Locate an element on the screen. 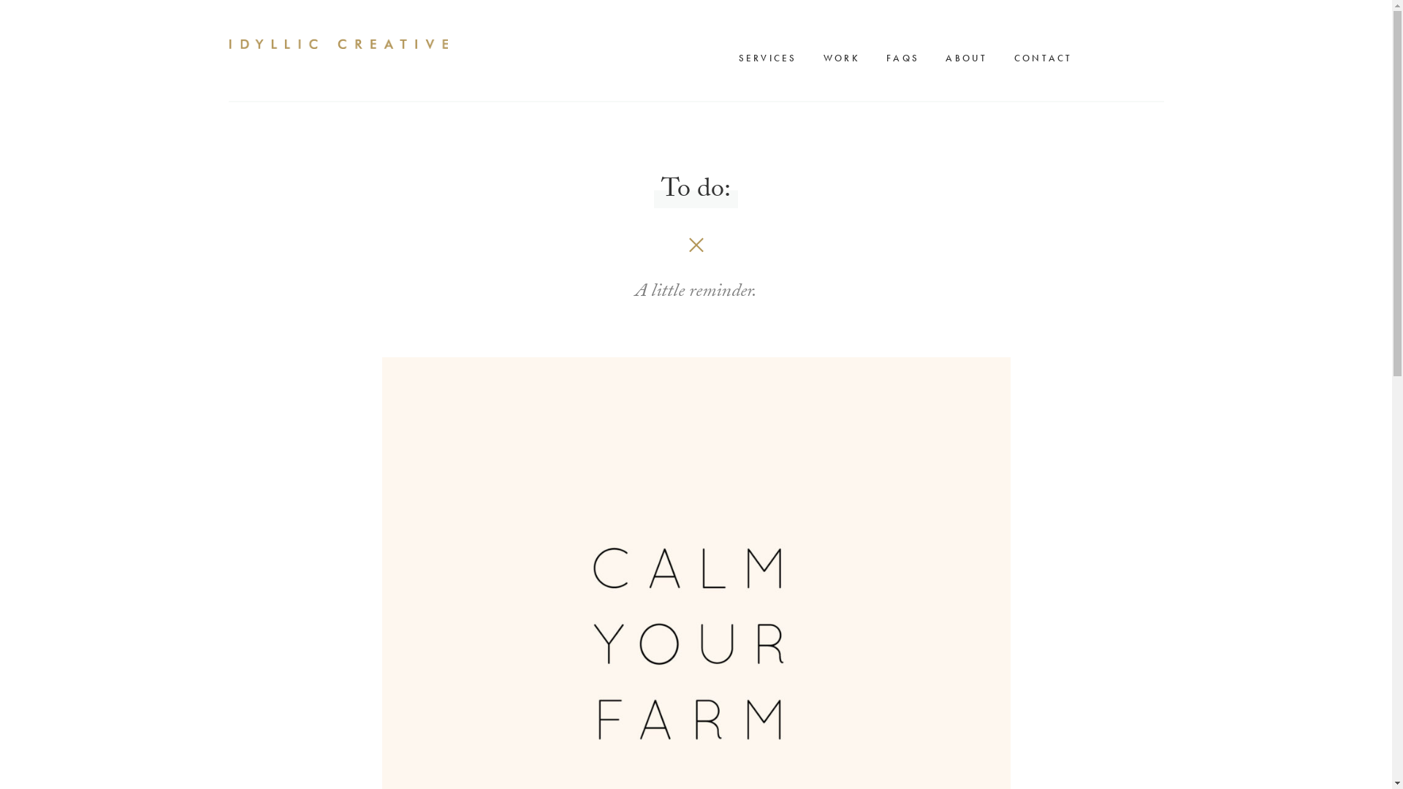 Image resolution: width=1403 pixels, height=789 pixels. 'CONTACT' is located at coordinates (1046, 57).